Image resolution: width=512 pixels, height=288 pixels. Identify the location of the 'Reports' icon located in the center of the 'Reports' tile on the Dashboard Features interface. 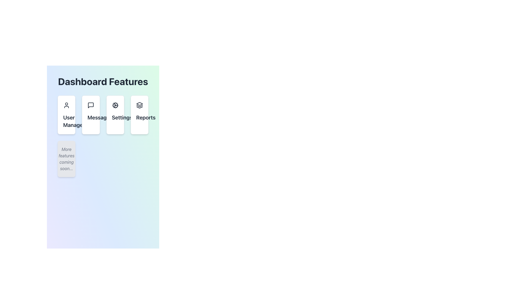
(139, 105).